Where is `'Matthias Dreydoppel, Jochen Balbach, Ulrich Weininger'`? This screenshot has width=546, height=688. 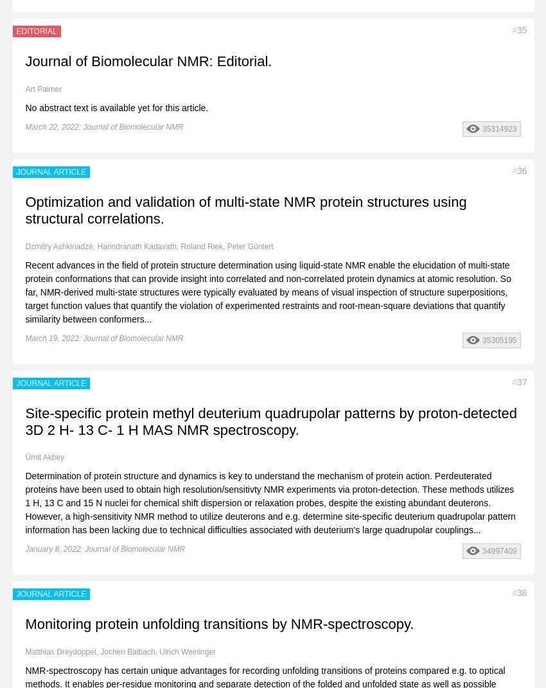
'Matthias Dreydoppel, Jochen Balbach, Ulrich Weininger' is located at coordinates (119, 651).